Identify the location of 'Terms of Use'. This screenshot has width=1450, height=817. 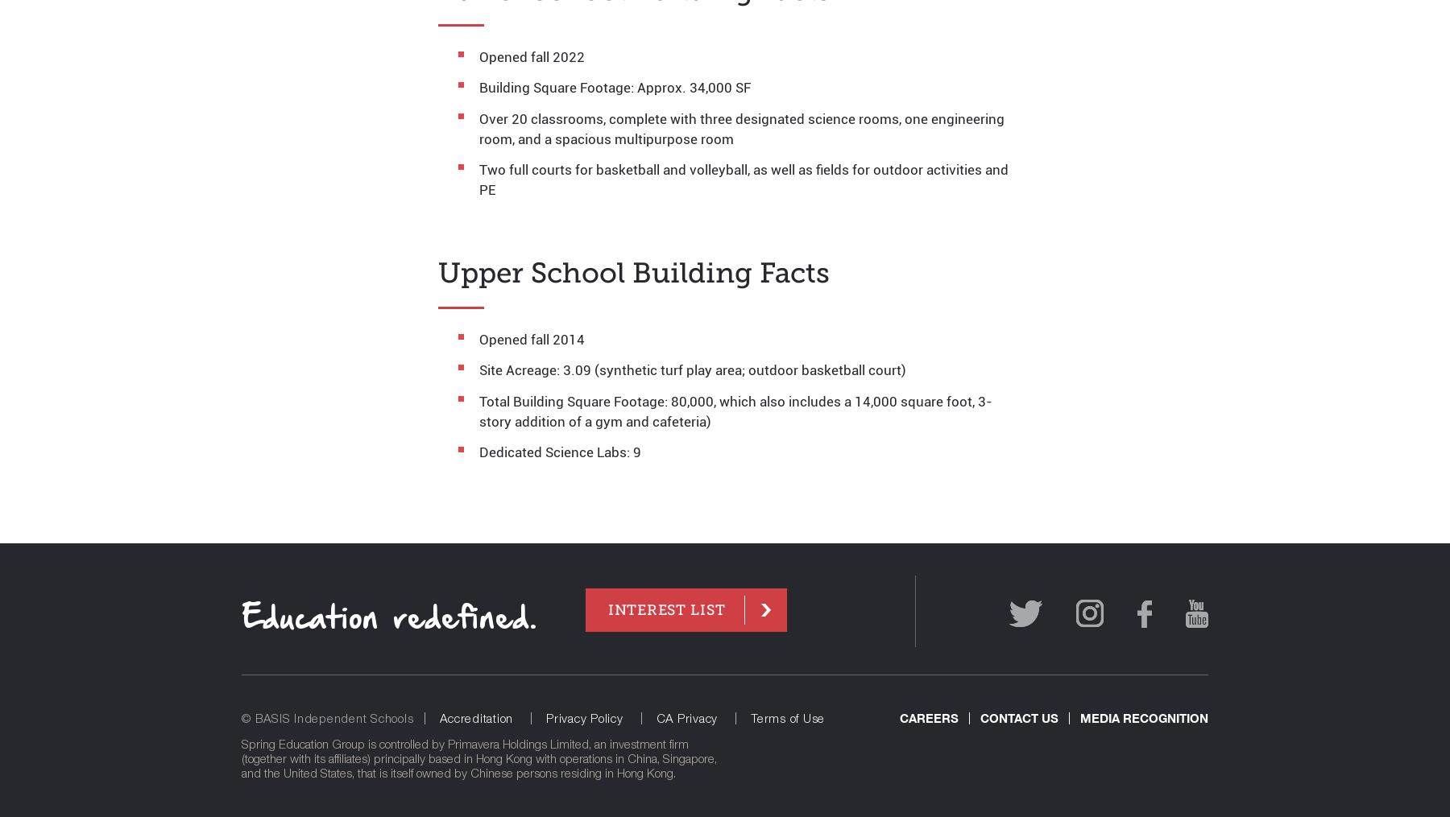
(786, 716).